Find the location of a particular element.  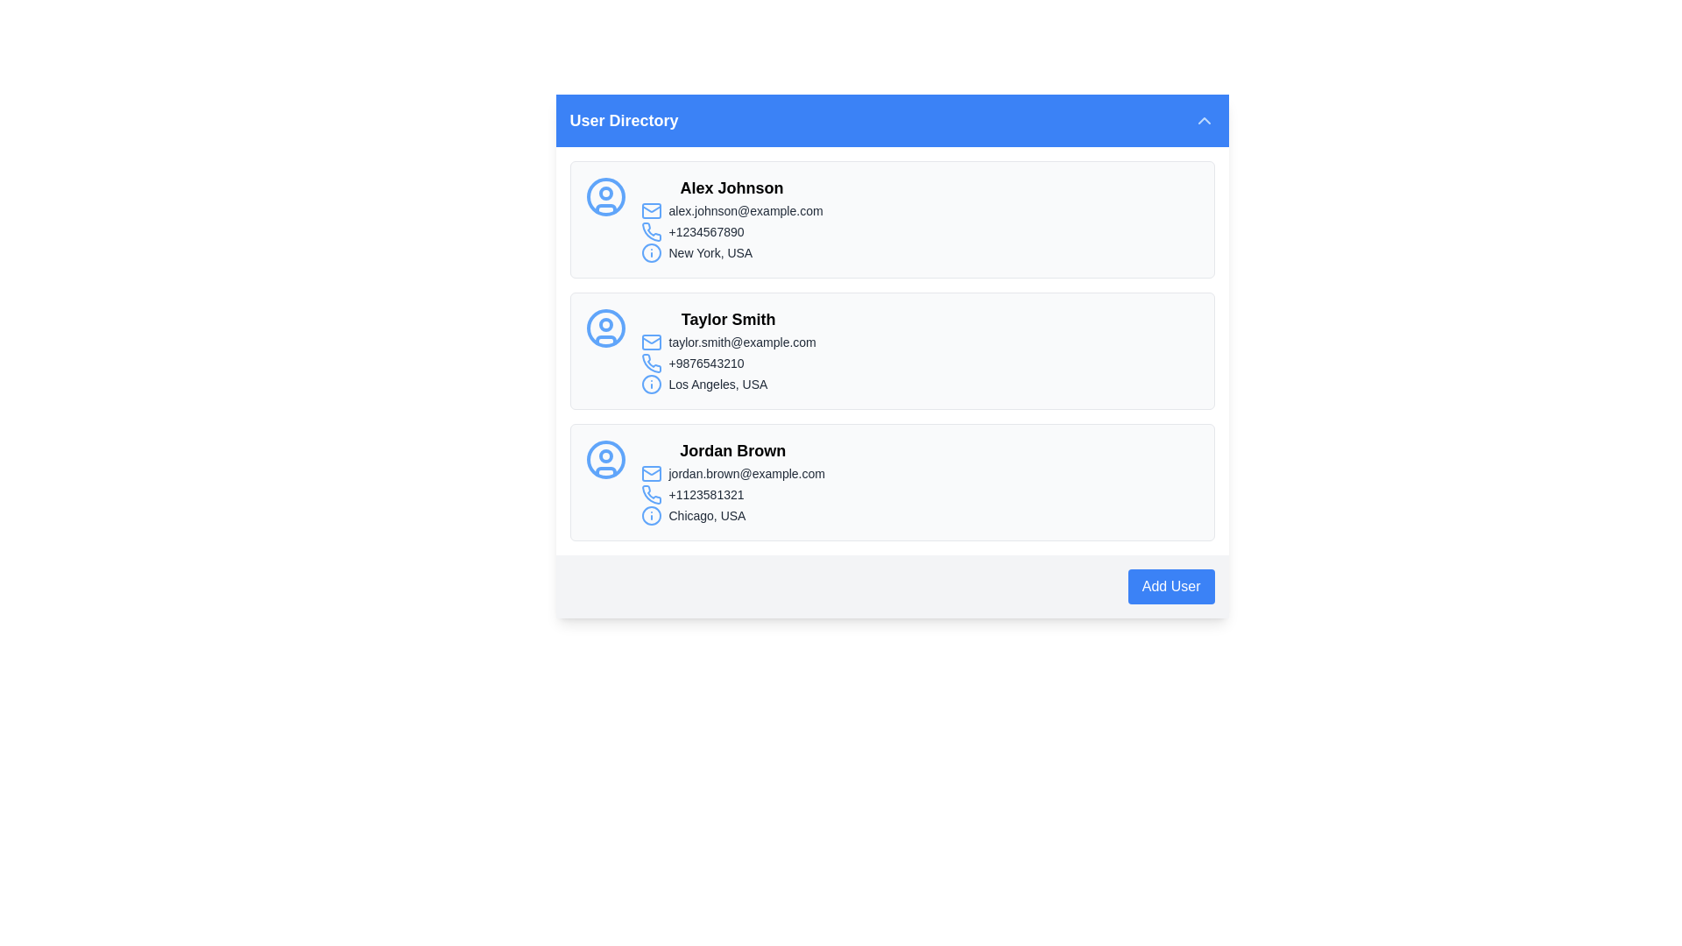

the informational SVG icon located next to the 'Los Angeles, USA' text in Taylor Smith's User Directory card is located at coordinates (650, 384).